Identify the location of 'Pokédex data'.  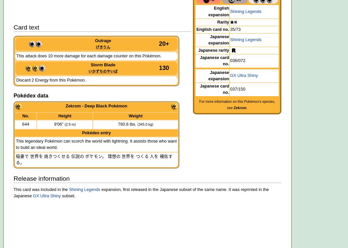
(31, 95).